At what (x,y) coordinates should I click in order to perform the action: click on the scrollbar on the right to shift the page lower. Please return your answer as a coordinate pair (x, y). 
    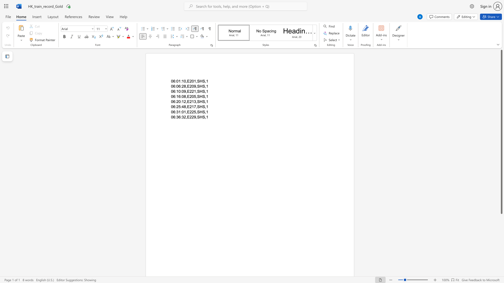
    Looking at the image, I should click on (501, 233).